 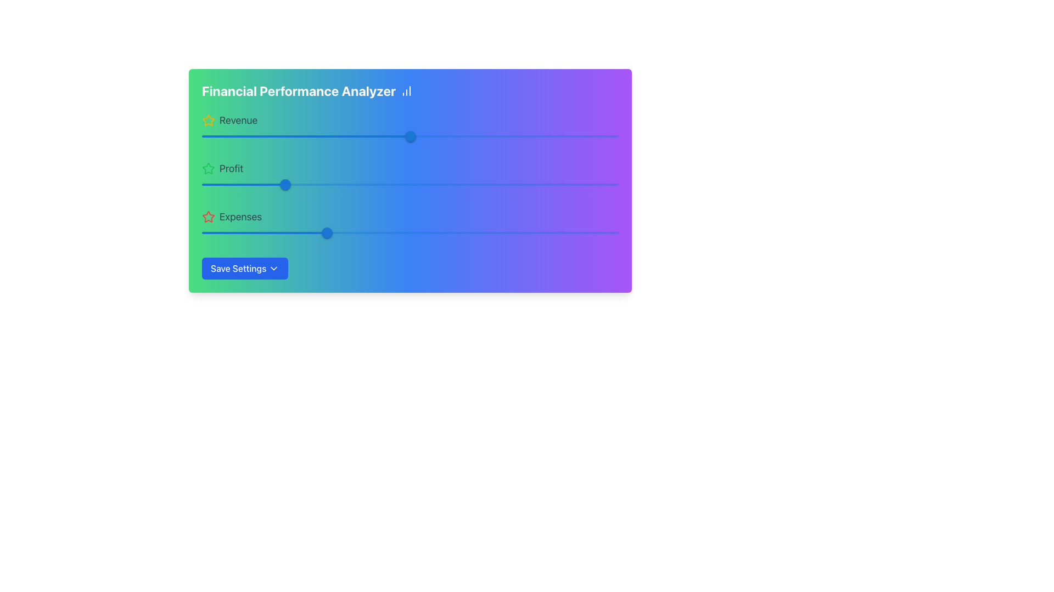 What do you see at coordinates (290, 184) in the screenshot?
I see `slider value` at bounding box center [290, 184].